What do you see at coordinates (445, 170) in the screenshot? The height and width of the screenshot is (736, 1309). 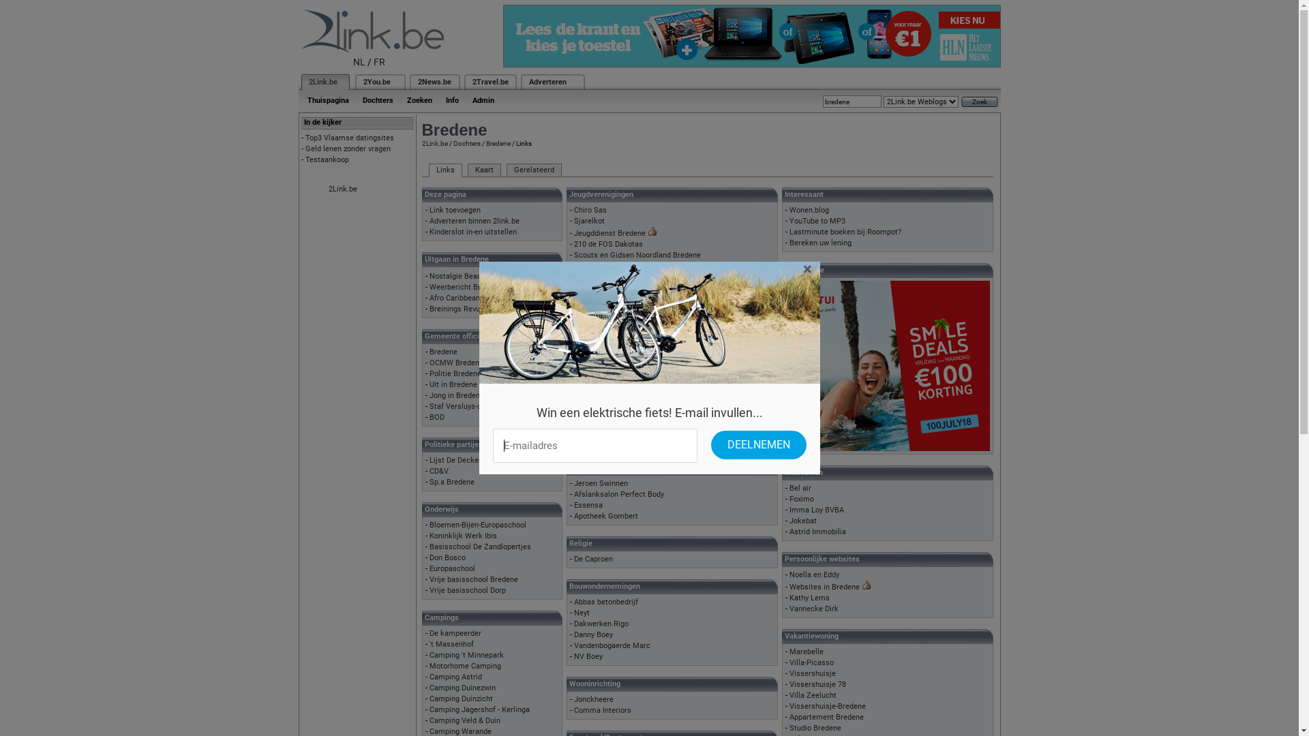 I see `'Links'` at bounding box center [445, 170].